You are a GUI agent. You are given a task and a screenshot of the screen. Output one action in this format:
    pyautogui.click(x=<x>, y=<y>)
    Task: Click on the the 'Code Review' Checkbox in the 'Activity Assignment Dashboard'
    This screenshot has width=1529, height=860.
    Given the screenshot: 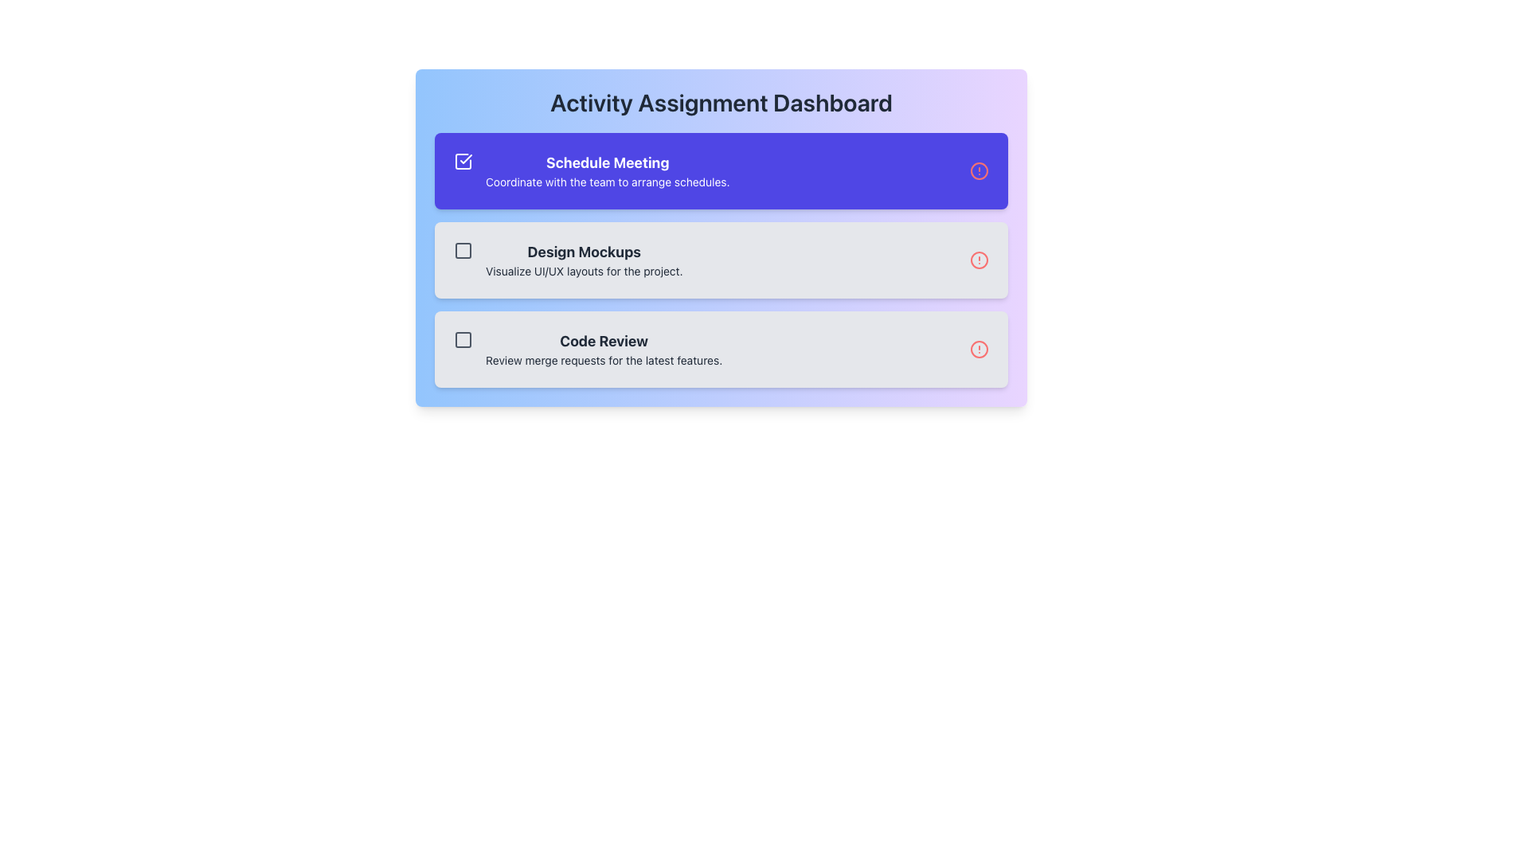 What is the action you would take?
    pyautogui.click(x=462, y=339)
    